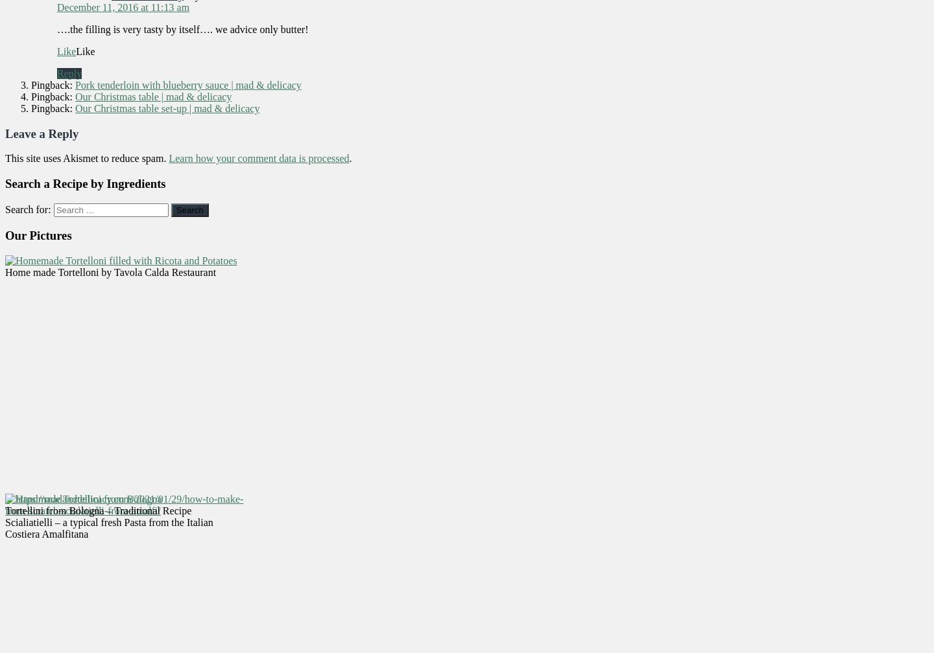 The image size is (934, 653). I want to click on 'Our Christmas table set-up | mad & delicacy', so click(167, 108).